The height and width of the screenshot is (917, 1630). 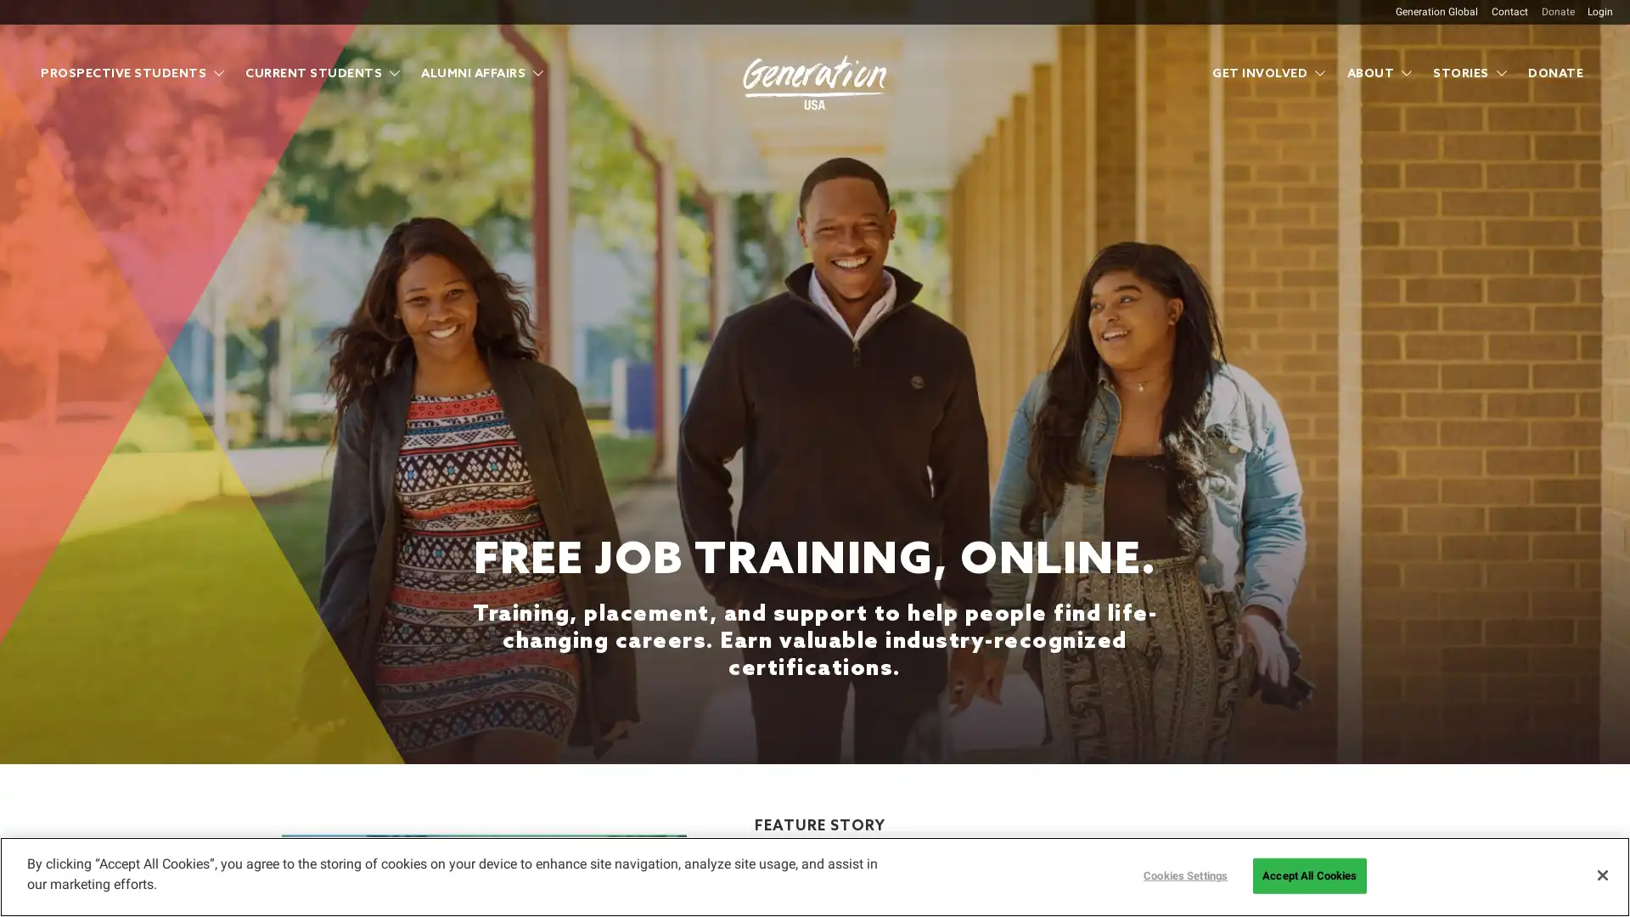 I want to click on Show submenu for Prospective Students, so click(x=217, y=72).